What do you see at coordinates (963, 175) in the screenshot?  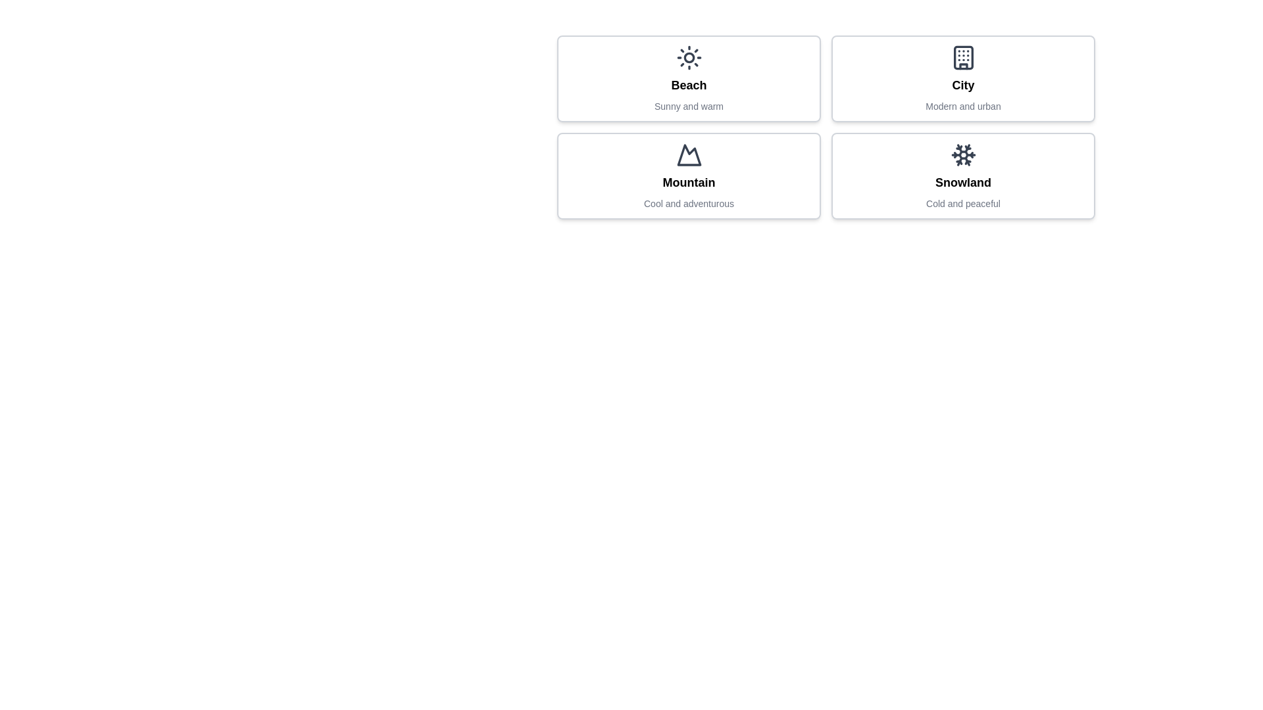 I see `the selectable card representing a snow-themed environment, located in the second row and second column of the grid layout, to the right of the 'Mountain' card` at bounding box center [963, 175].